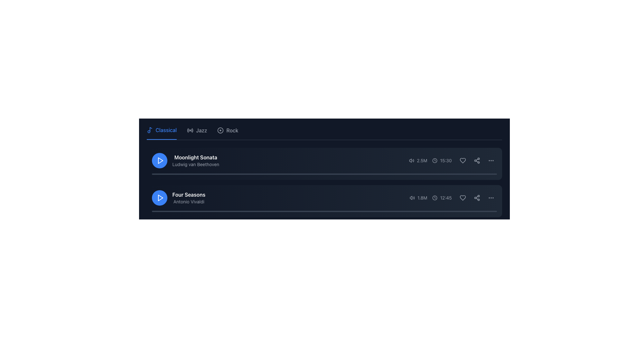 The image size is (618, 347). Describe the element at coordinates (220, 130) in the screenshot. I see `the circular button-like graphic icon in the 'Rock' tab header` at that location.